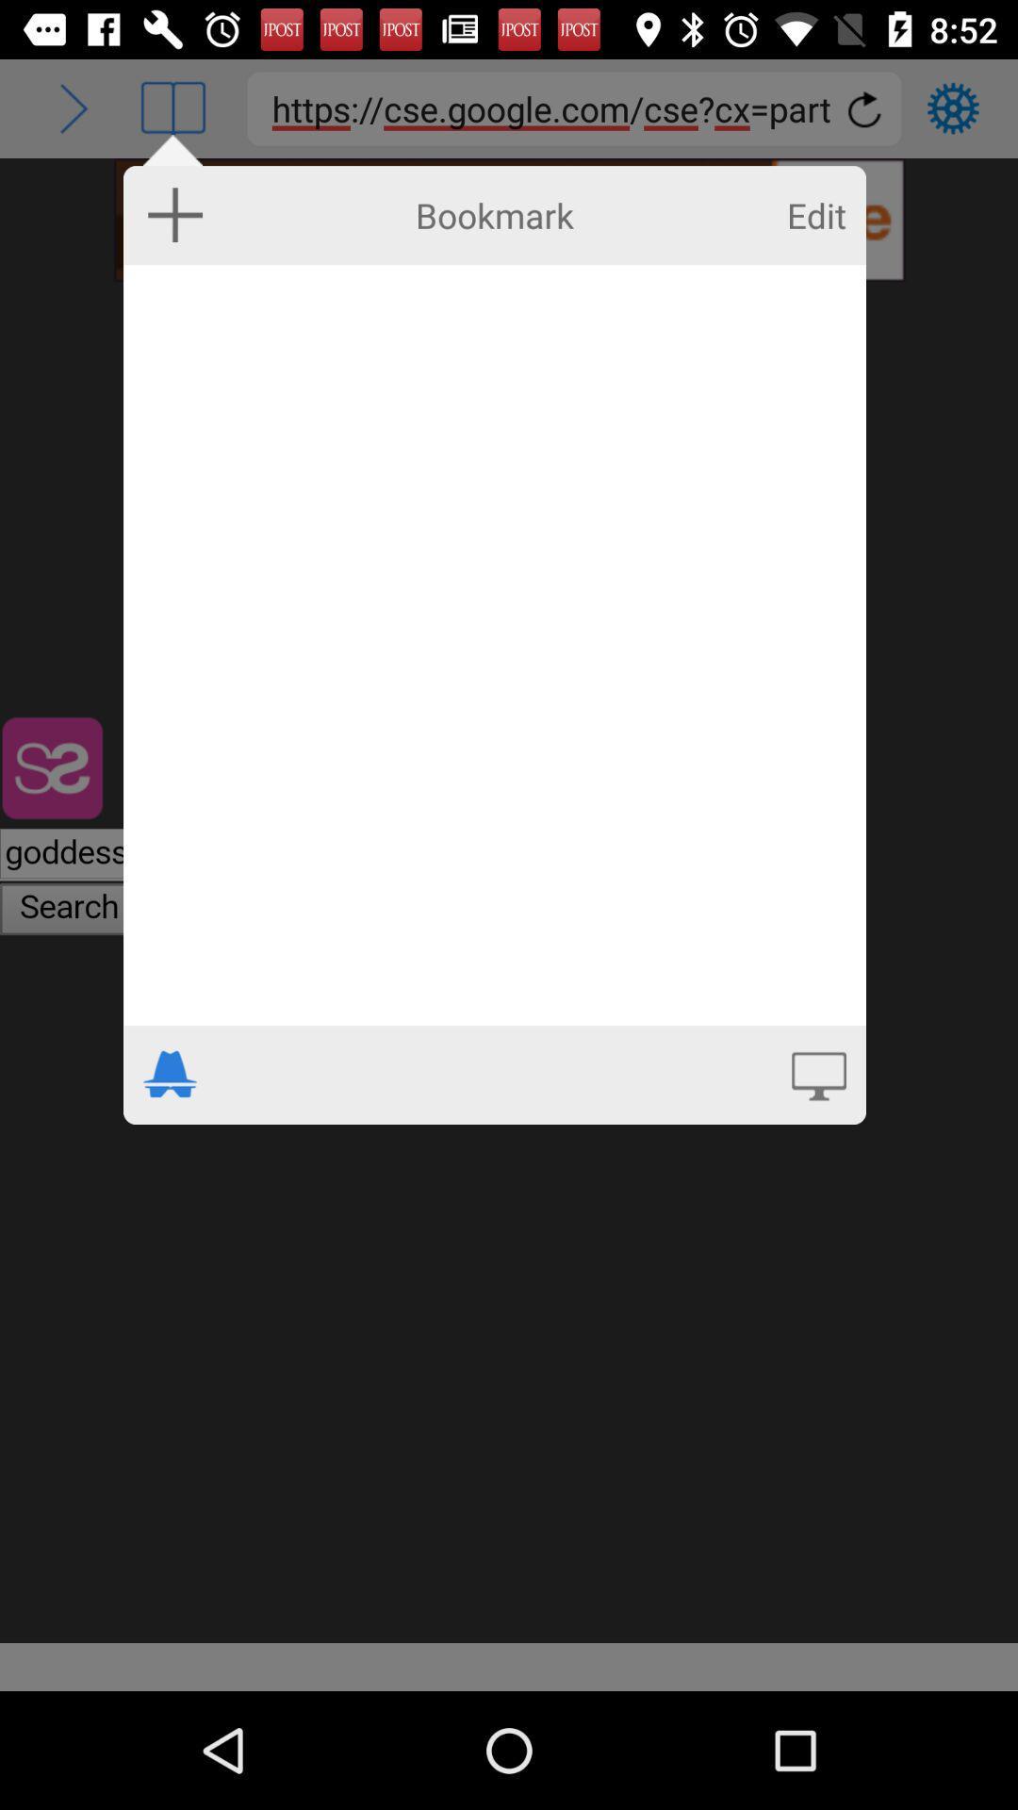 This screenshot has height=1810, width=1018. What do you see at coordinates (815, 215) in the screenshot?
I see `icon to the right of bookmark icon` at bounding box center [815, 215].